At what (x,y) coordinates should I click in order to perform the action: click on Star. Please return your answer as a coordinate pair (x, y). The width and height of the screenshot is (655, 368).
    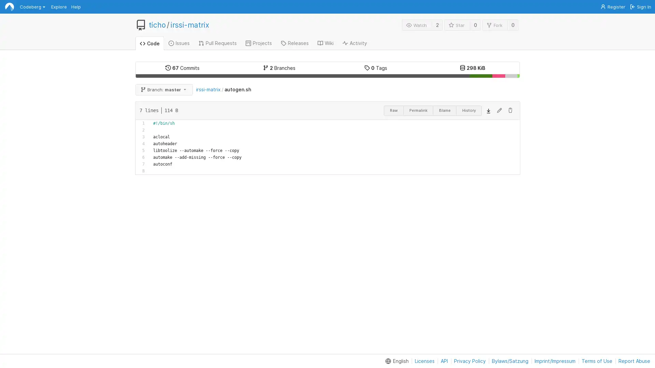
    Looking at the image, I should click on (457, 25).